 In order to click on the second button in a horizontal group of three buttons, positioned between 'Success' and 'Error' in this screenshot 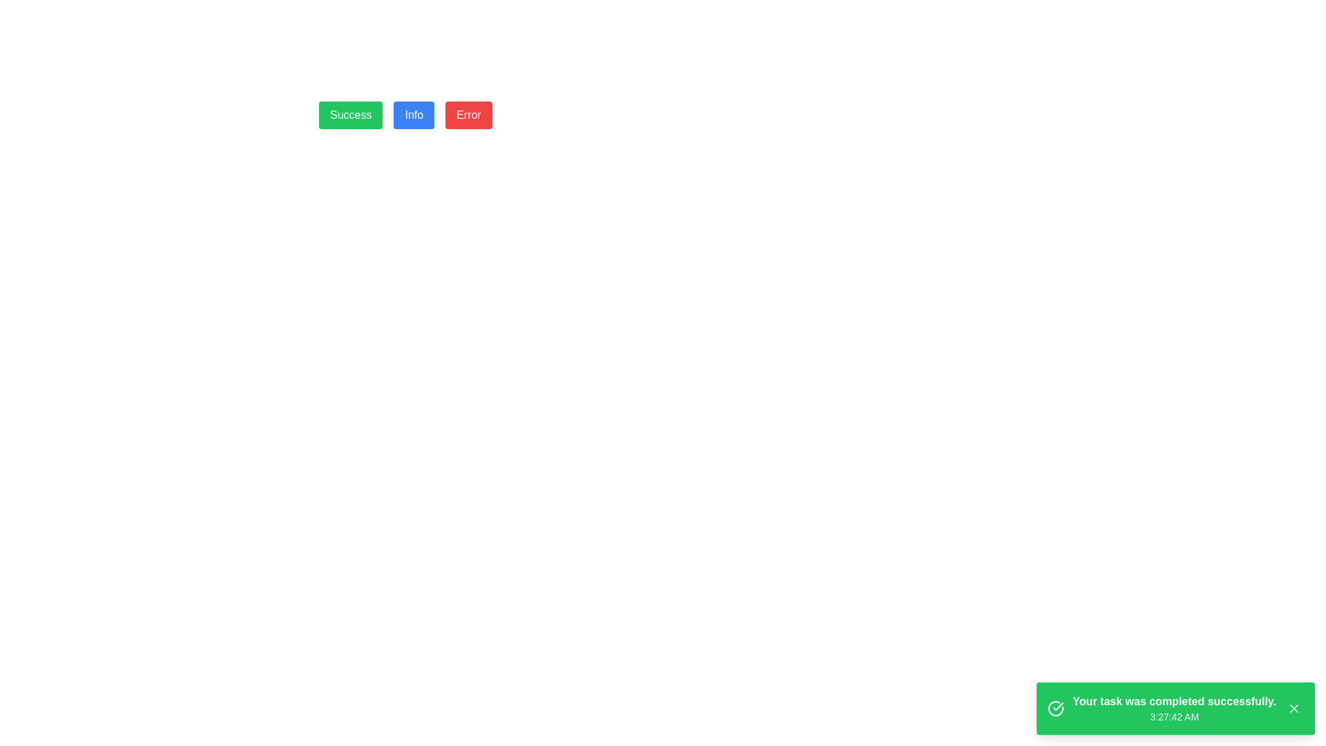, I will do `click(413, 114)`.